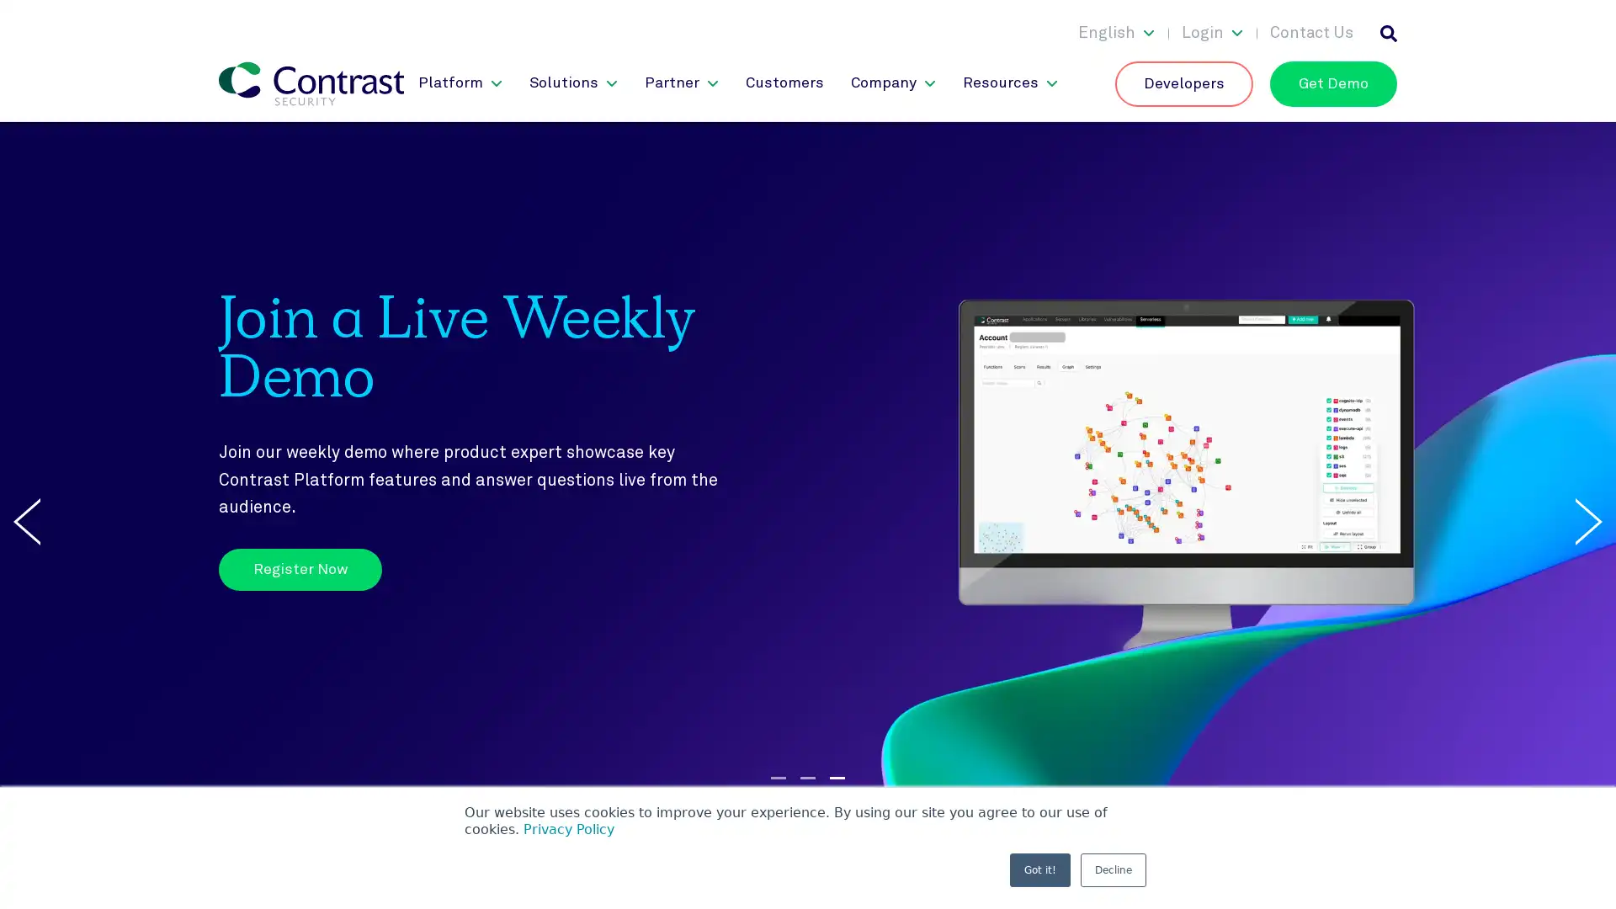  I want to click on Next, so click(1587, 519).